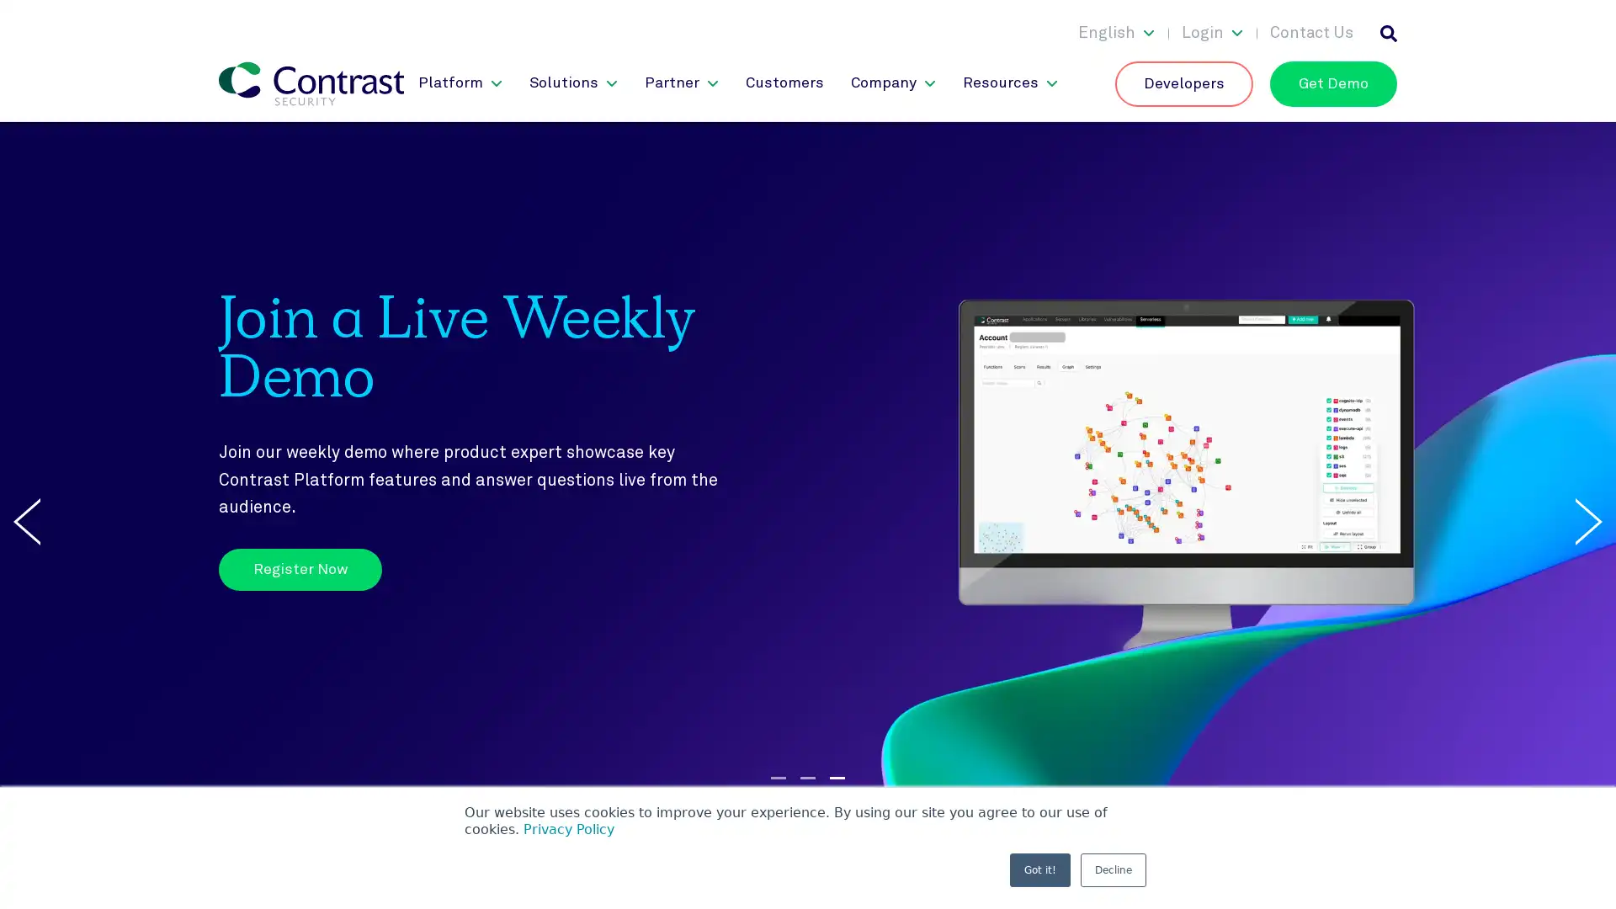  I want to click on Next, so click(1587, 519).